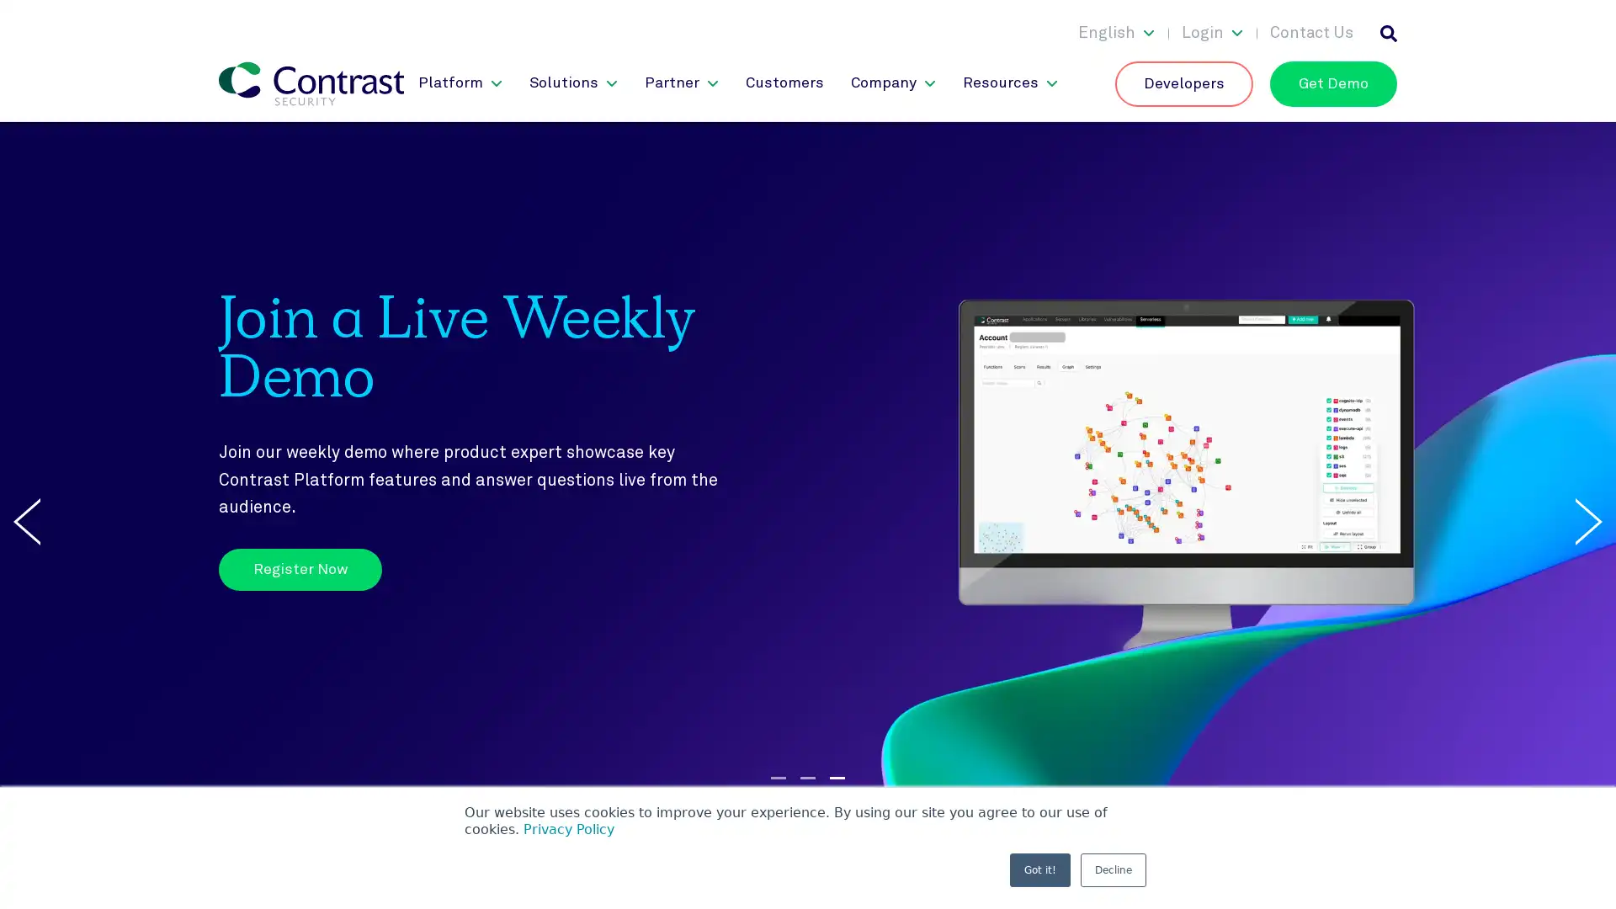  I want to click on Next, so click(1587, 519).